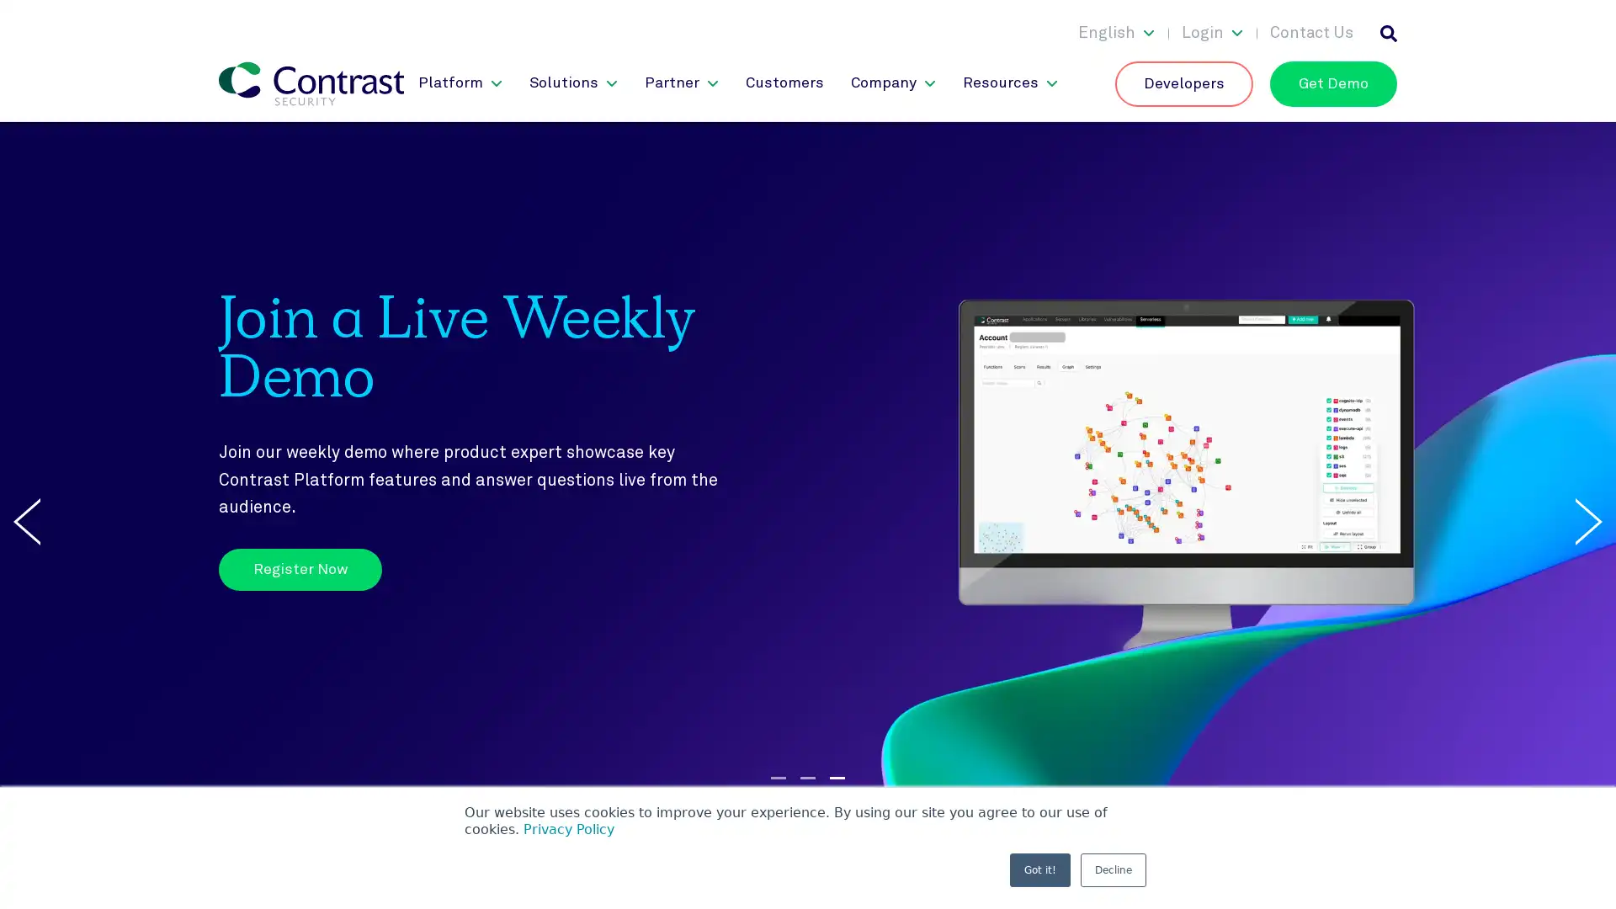  I want to click on Next, so click(1587, 519).